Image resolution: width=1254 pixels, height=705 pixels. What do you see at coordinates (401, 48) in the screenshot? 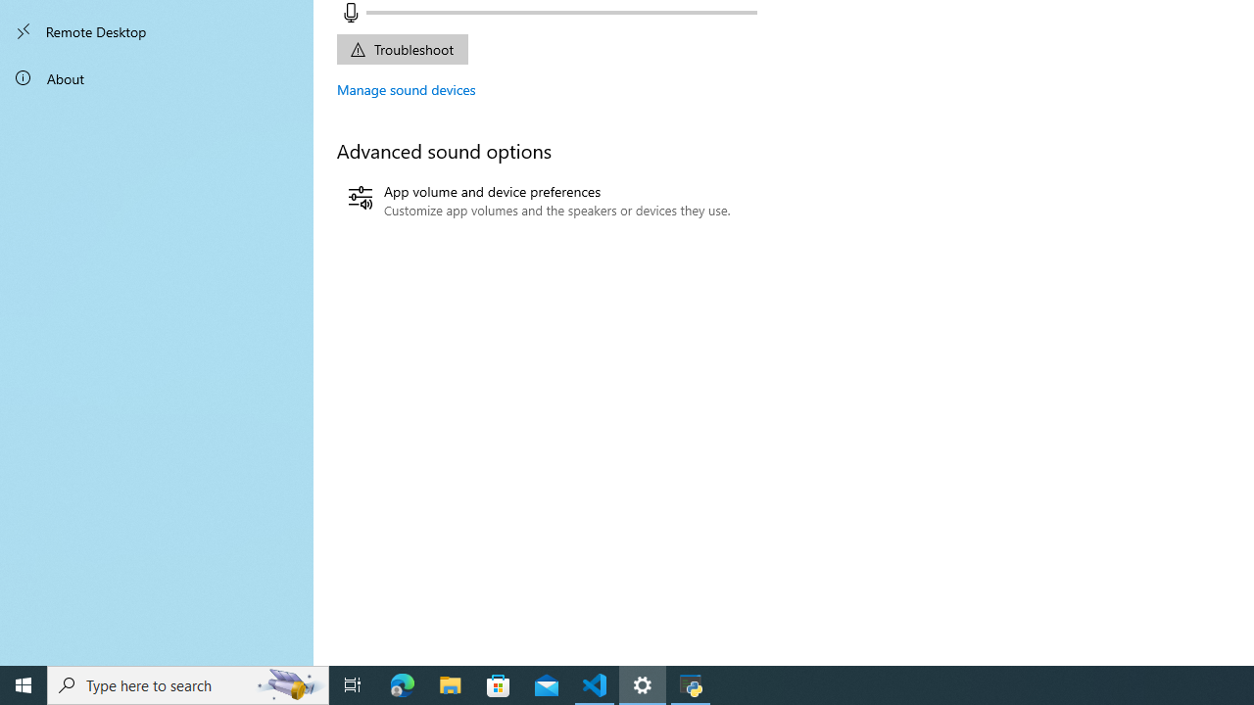
I see `'Input device troubleshoot'` at bounding box center [401, 48].